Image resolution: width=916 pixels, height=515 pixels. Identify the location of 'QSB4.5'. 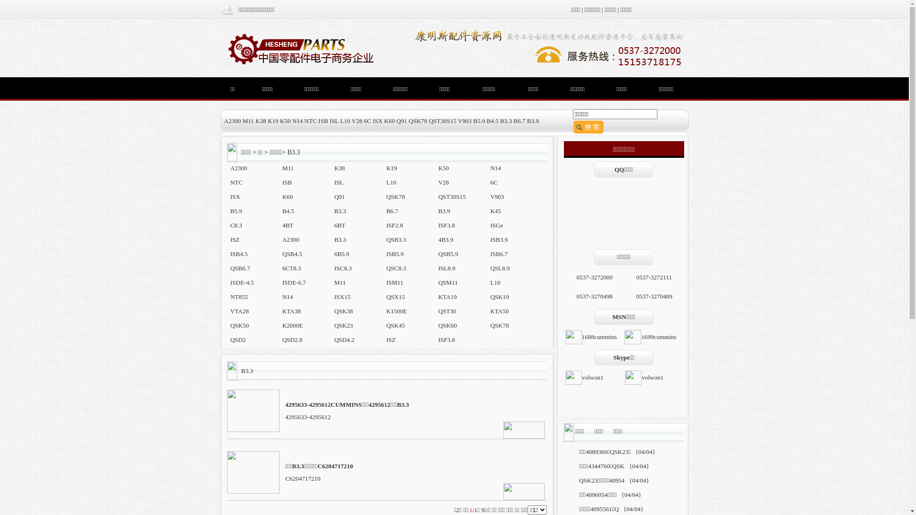
(281, 253).